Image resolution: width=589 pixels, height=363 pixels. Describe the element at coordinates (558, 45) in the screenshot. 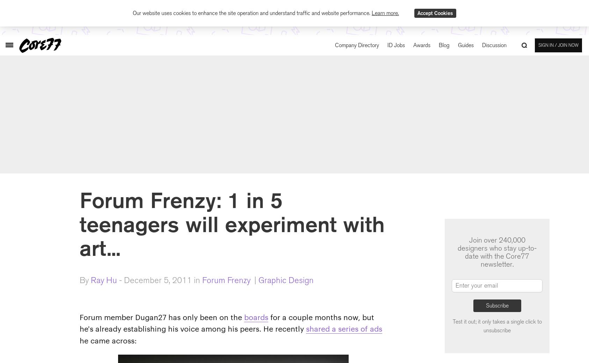

I see `'Sign In / Join Now'` at that location.